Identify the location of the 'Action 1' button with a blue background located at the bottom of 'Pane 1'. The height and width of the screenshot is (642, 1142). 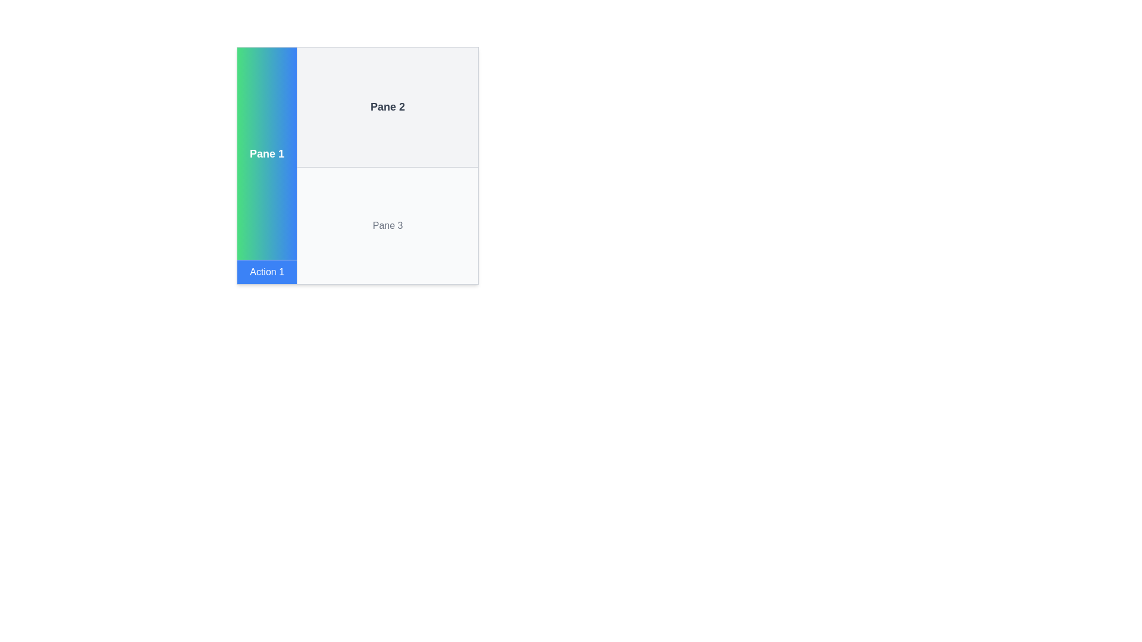
(266, 272).